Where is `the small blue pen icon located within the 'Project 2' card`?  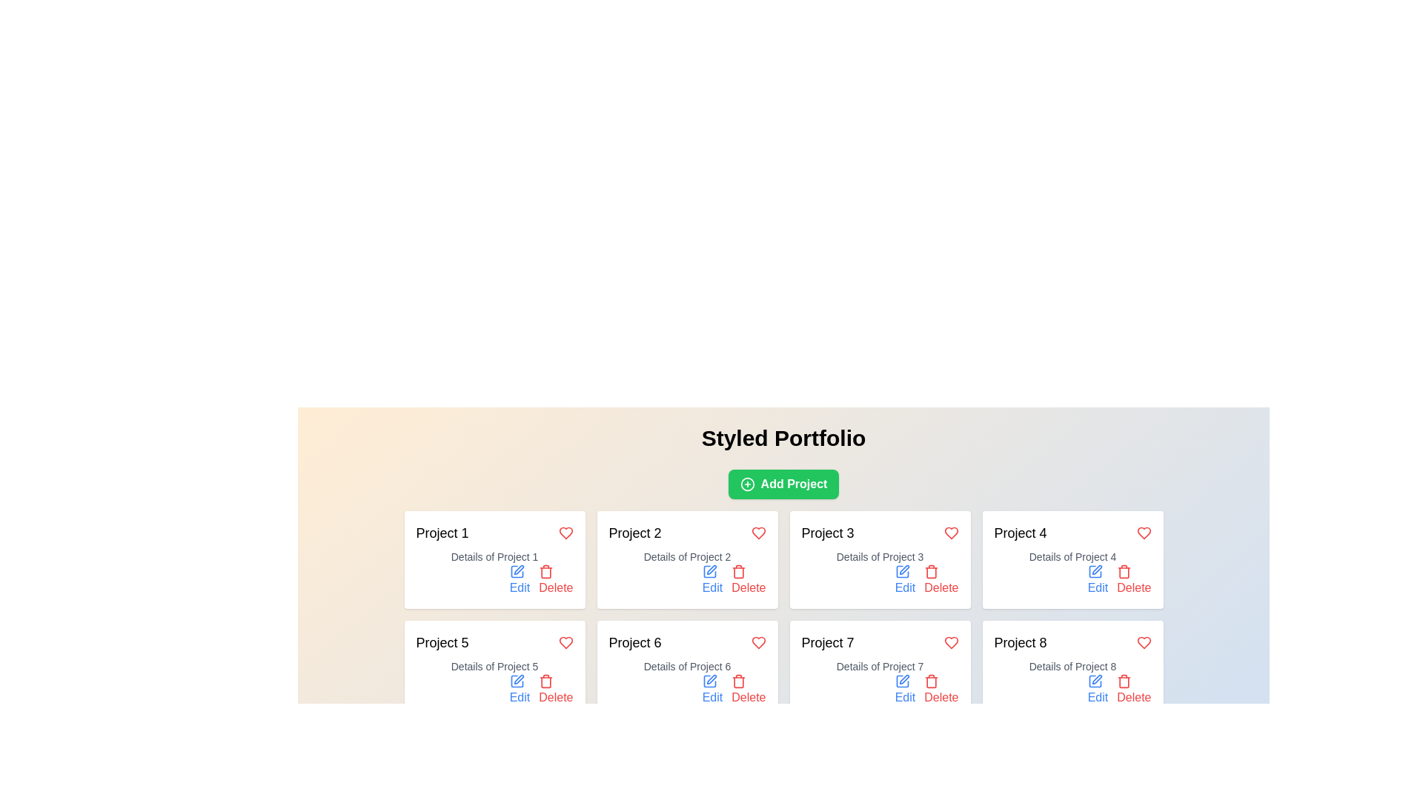 the small blue pen icon located within the 'Project 2' card is located at coordinates (709, 570).